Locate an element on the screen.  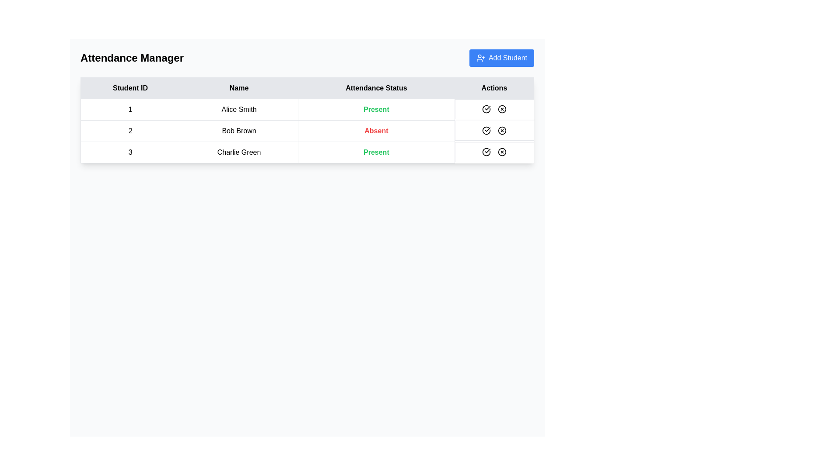
the cancel or delete icon, which is a circular outline located in the 'Actions' column of the third row in the table is located at coordinates (502, 151).